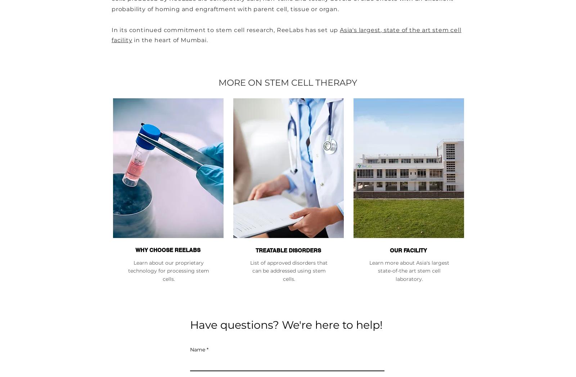 This screenshot has height=377, width=576. What do you see at coordinates (219, 82) in the screenshot?
I see `'MORE ON STEM CELL THERAPY'` at bounding box center [219, 82].